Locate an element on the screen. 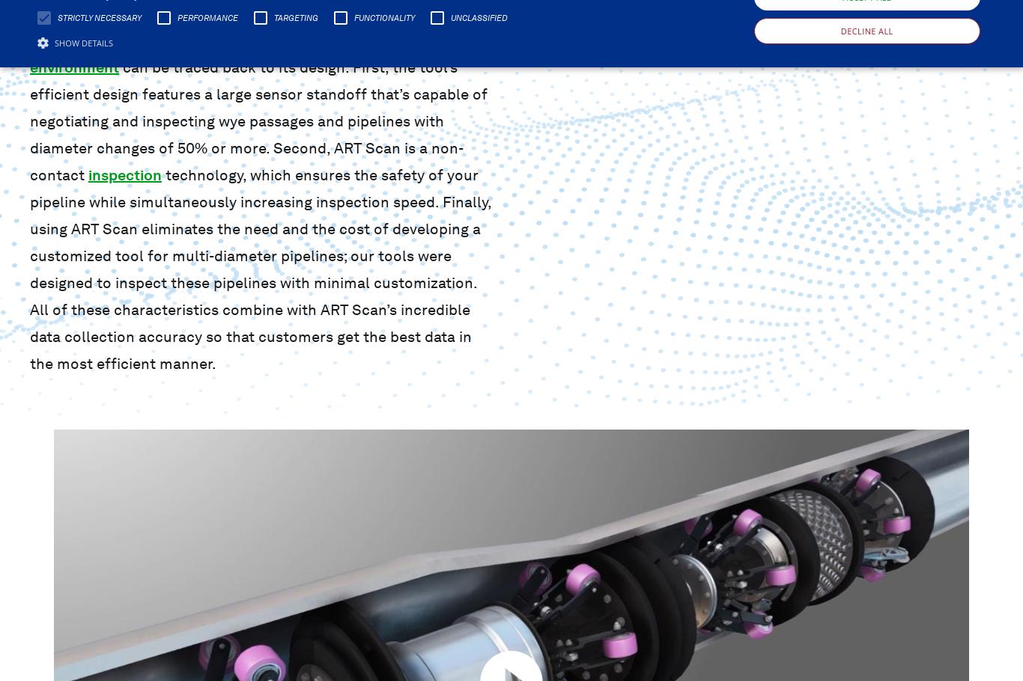  'inspection' is located at coordinates (88, 174).